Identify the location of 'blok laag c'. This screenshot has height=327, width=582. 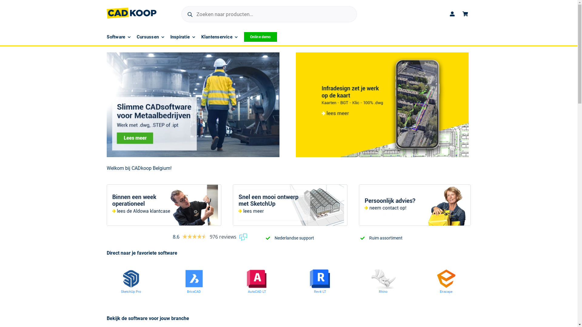
(414, 205).